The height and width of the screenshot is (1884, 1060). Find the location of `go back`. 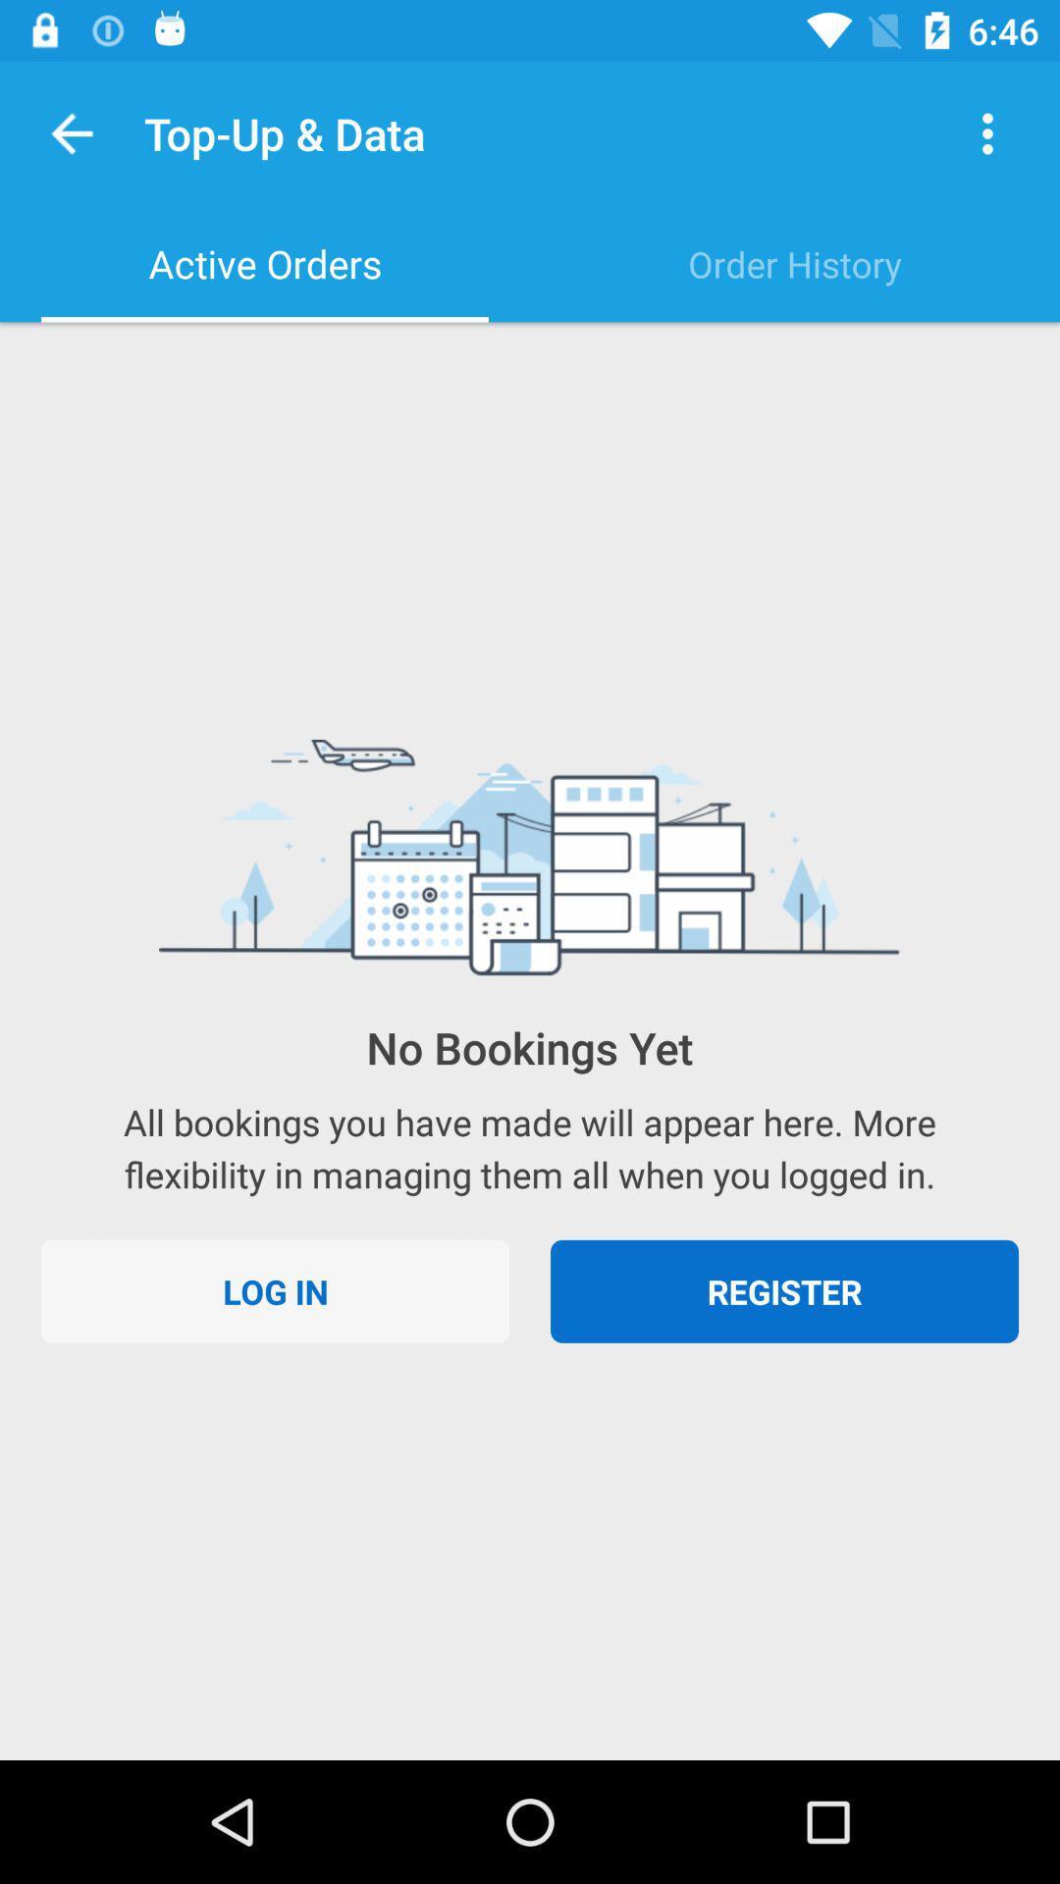

go back is located at coordinates (71, 132).